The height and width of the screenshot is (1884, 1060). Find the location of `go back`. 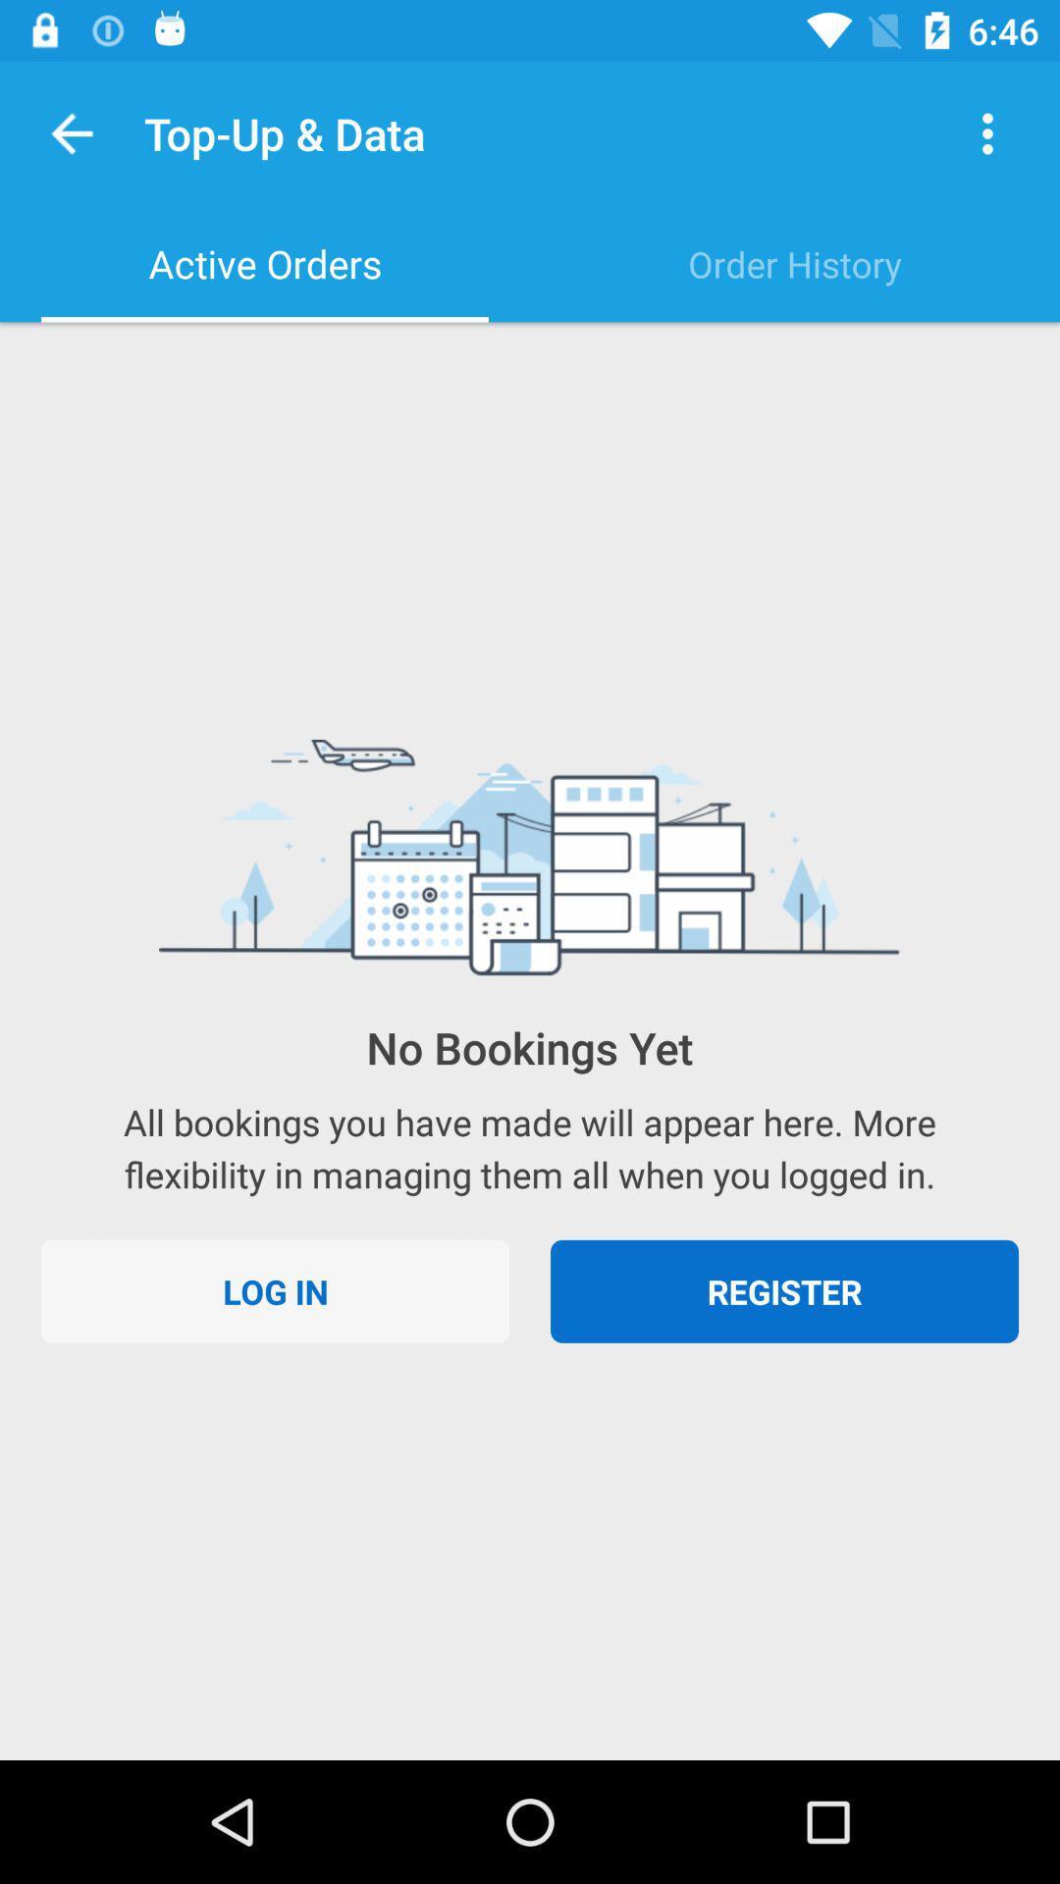

go back is located at coordinates (71, 132).